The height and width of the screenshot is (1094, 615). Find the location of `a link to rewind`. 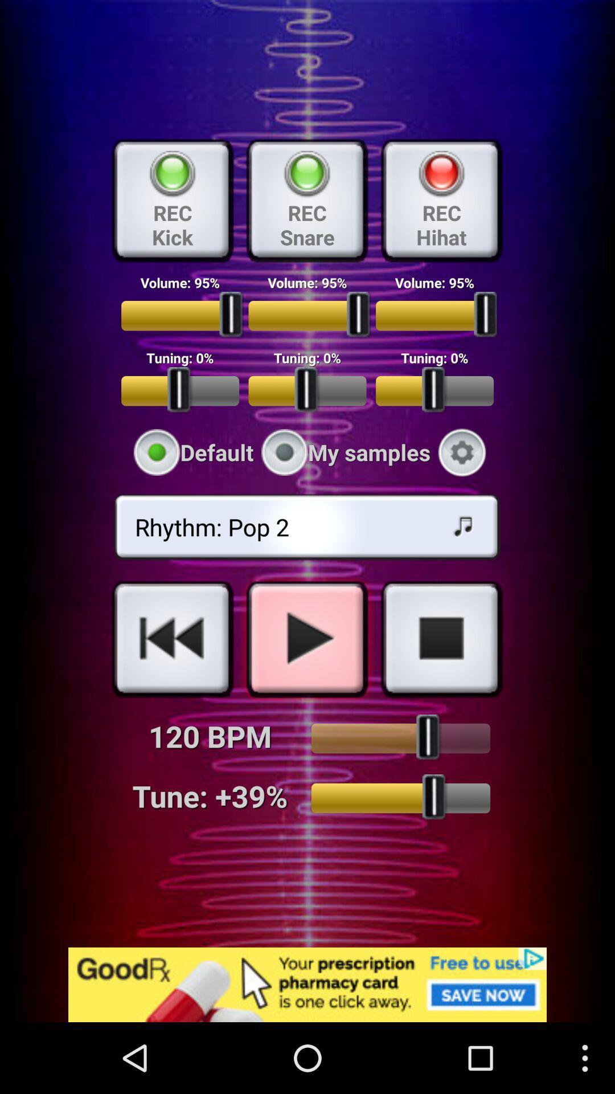

a link to rewind is located at coordinates (173, 639).